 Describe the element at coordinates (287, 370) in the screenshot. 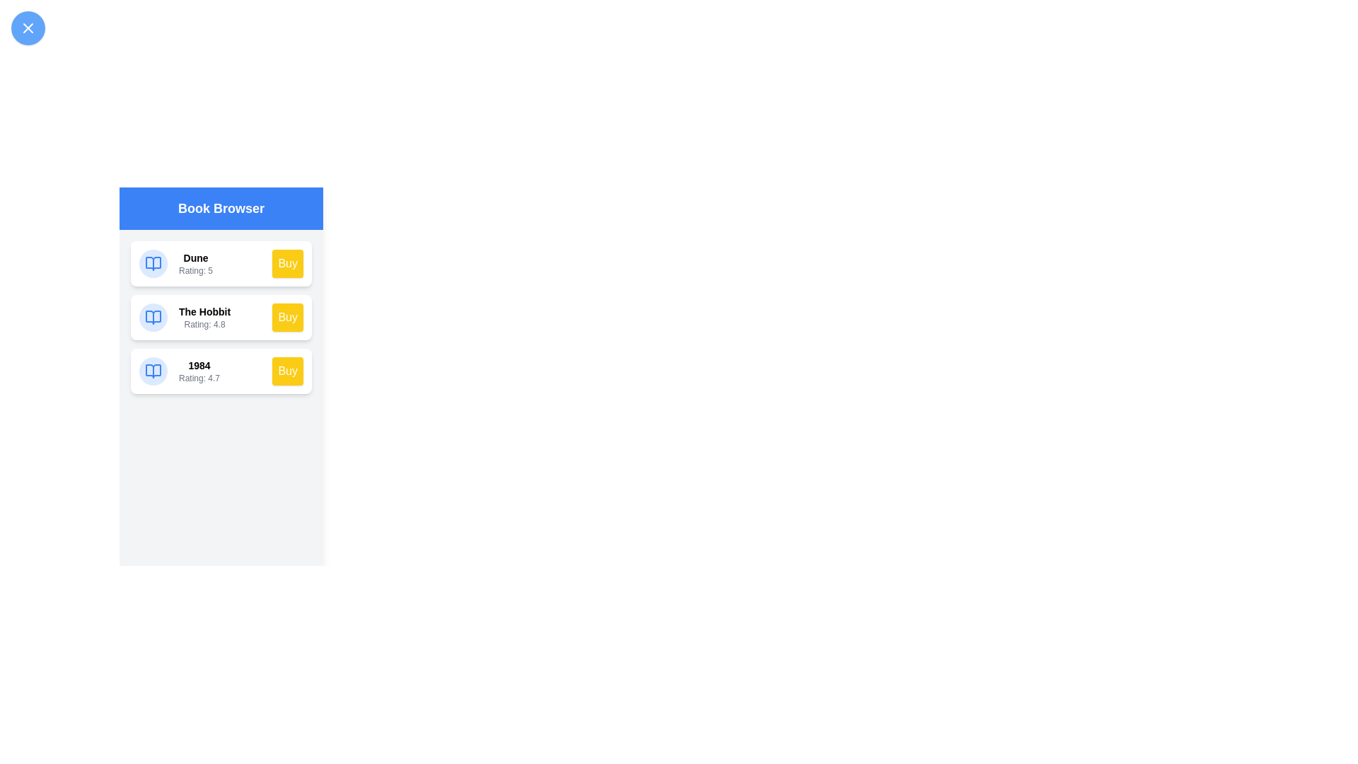

I see `the 'Buy' button for the book titled 1984` at that location.